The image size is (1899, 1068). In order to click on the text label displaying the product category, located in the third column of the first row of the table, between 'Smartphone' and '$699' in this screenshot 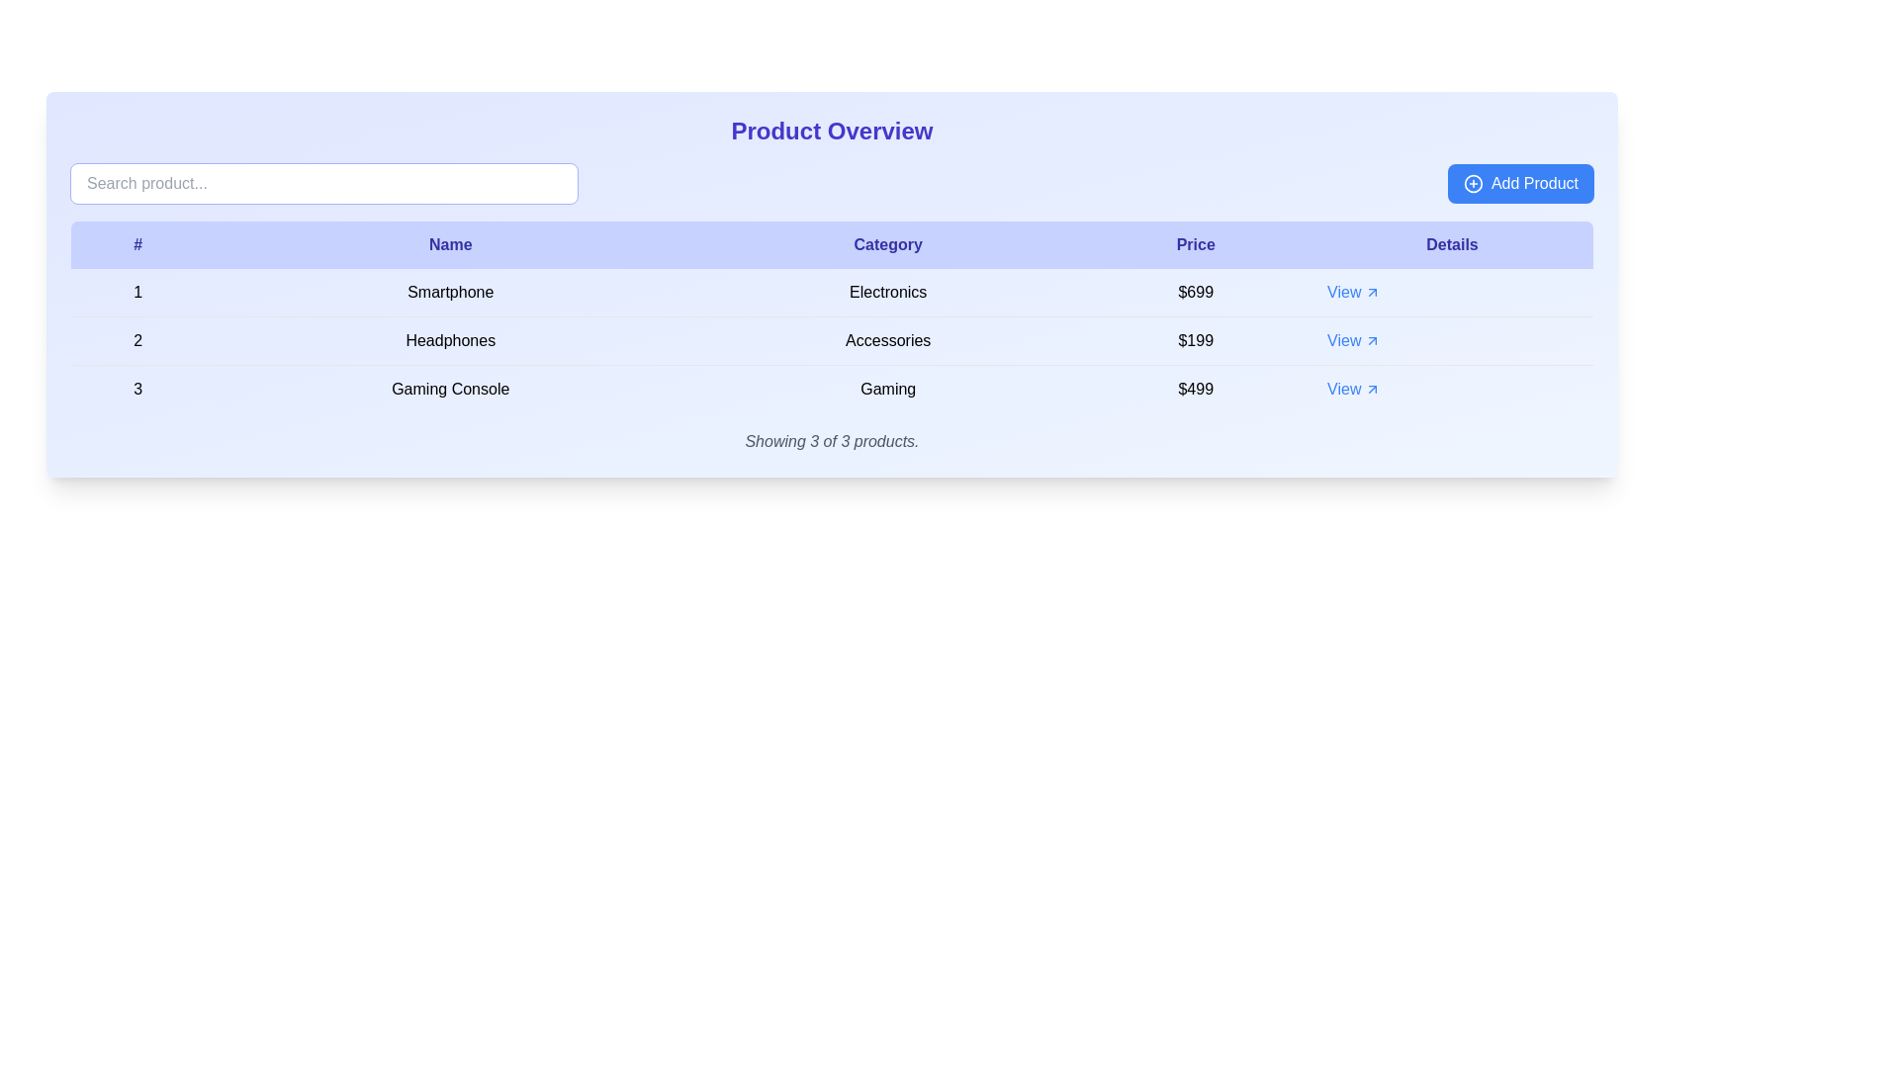, I will do `click(887, 293)`.